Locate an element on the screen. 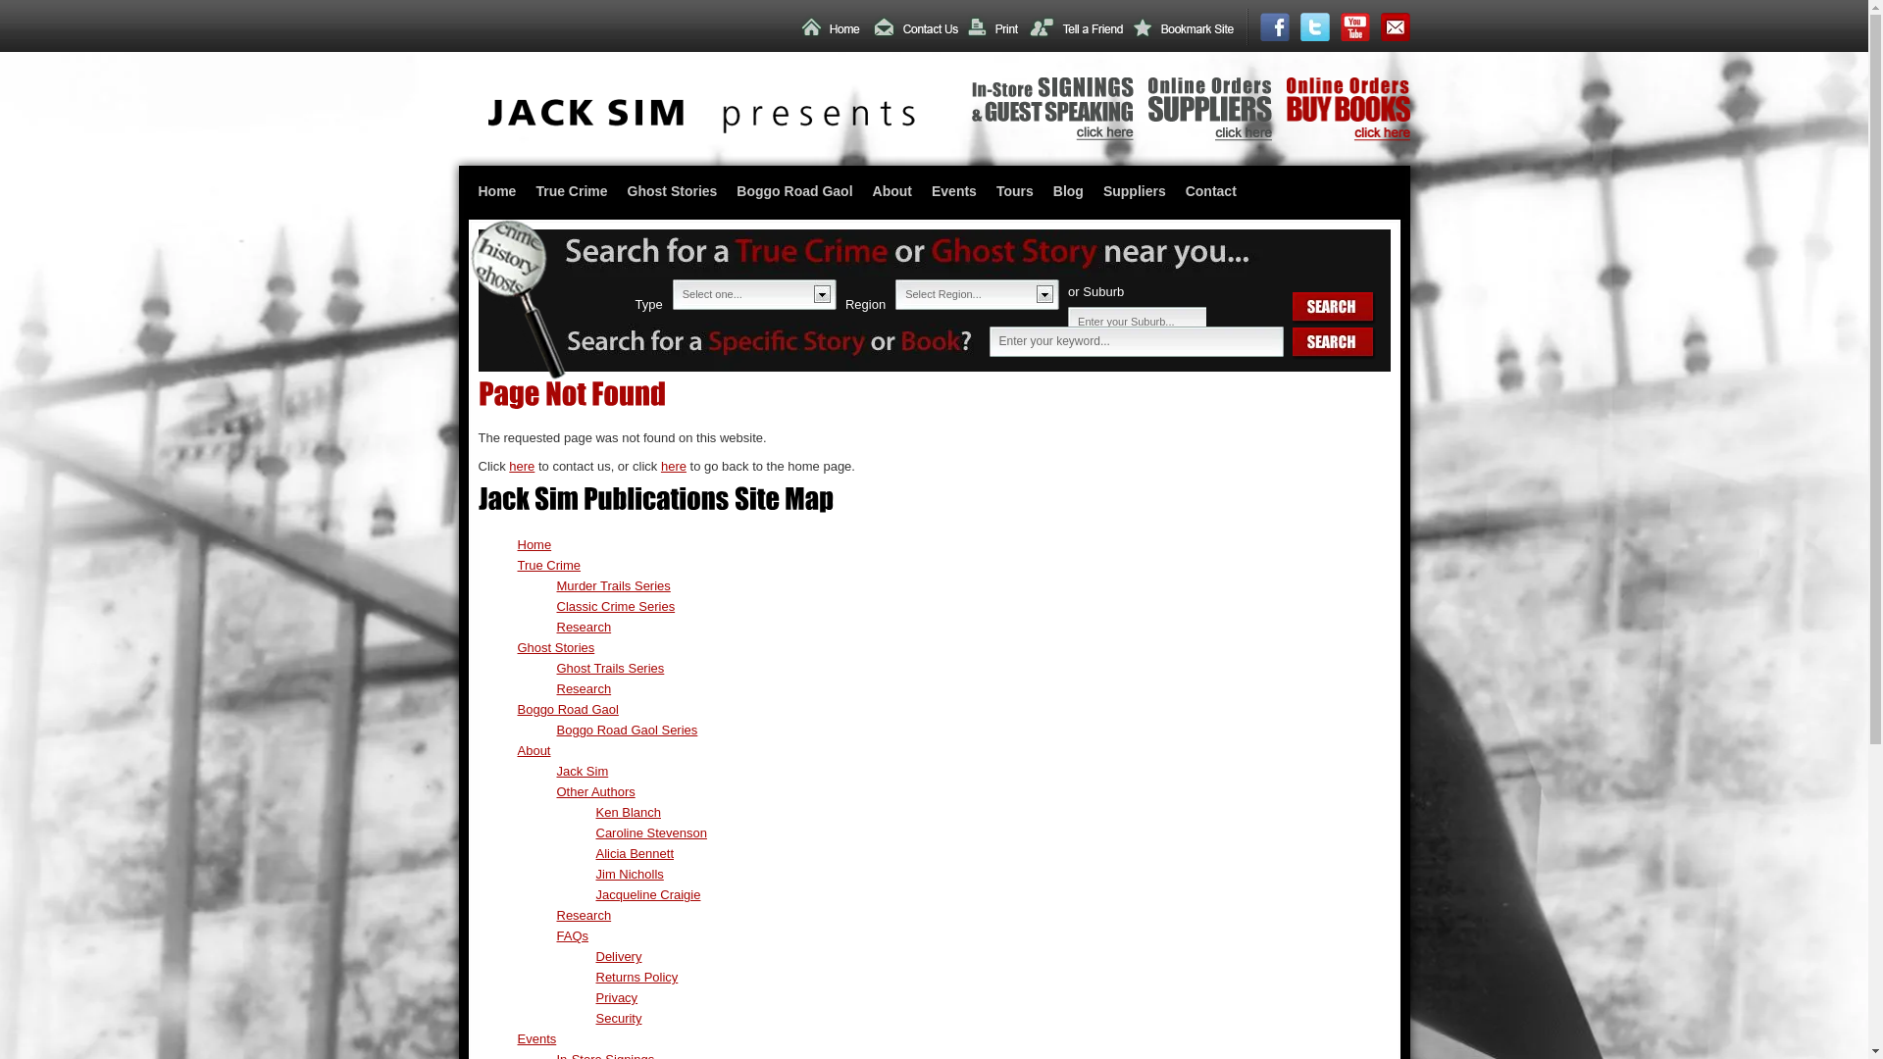 This screenshot has width=1883, height=1059. 'Alicia Bennett' is located at coordinates (636, 852).